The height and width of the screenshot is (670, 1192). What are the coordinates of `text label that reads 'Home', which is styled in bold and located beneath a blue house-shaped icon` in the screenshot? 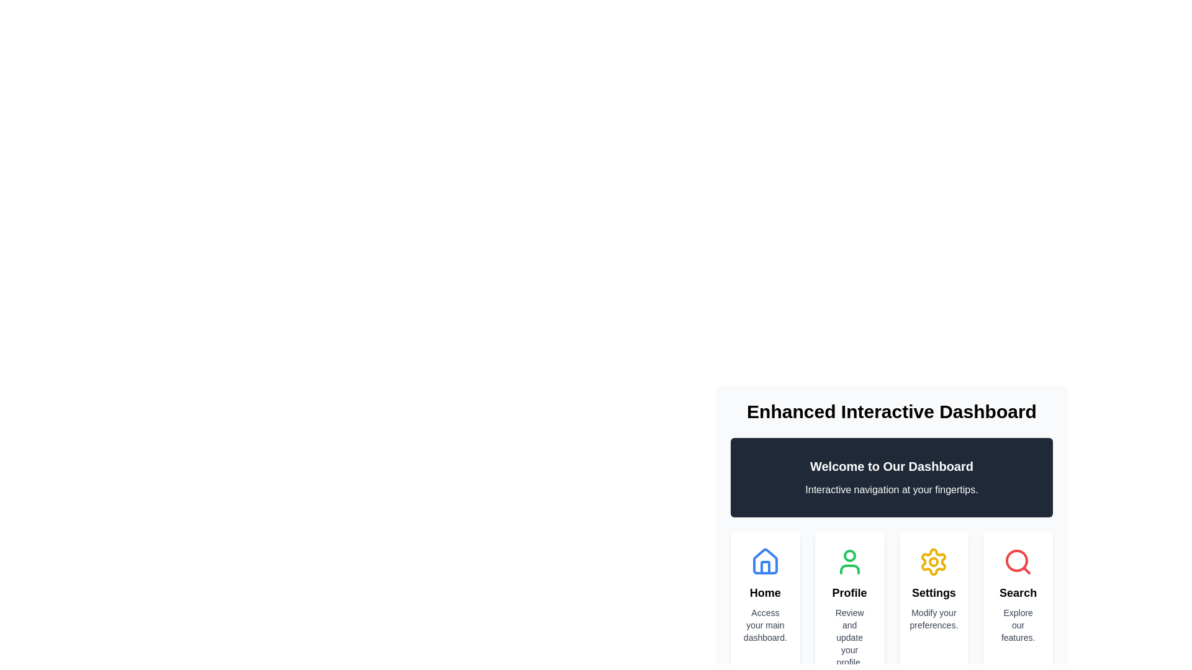 It's located at (764, 592).